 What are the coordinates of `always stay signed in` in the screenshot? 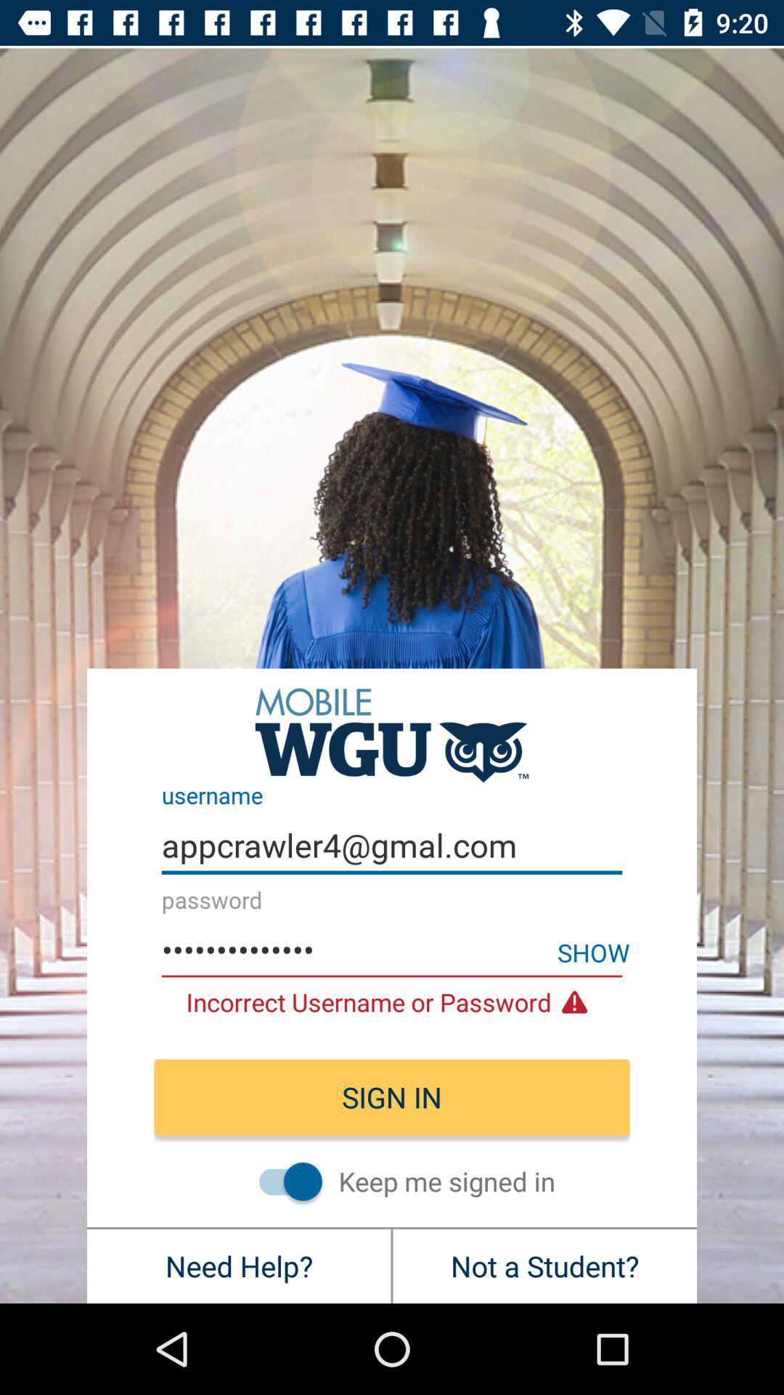 It's located at (283, 1181).